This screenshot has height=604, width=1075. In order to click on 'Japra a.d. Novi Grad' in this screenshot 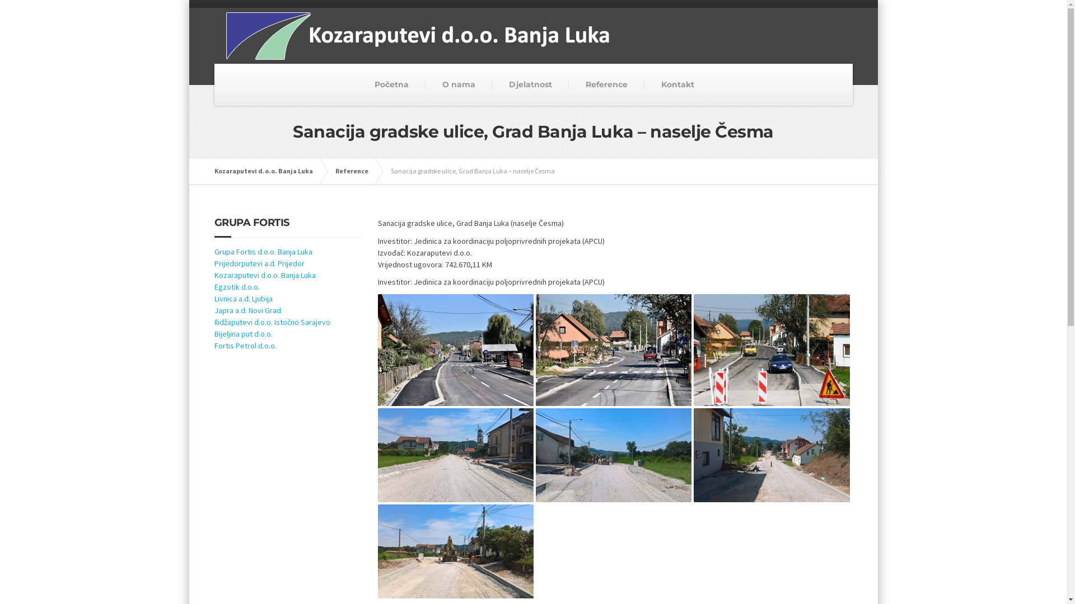, I will do `click(246, 310)`.